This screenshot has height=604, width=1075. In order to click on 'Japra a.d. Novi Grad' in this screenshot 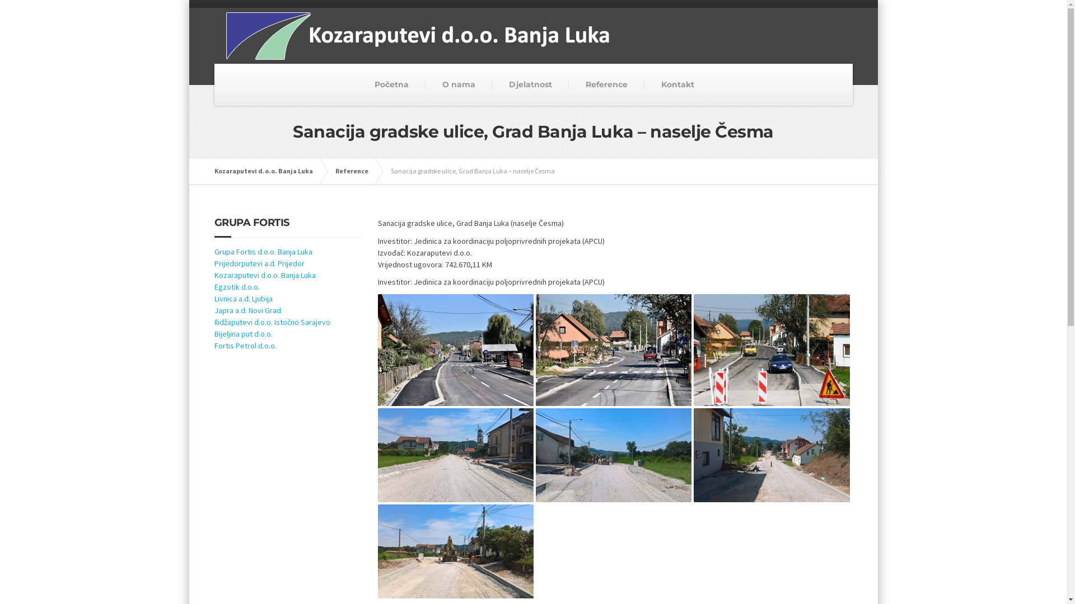, I will do `click(246, 310)`.